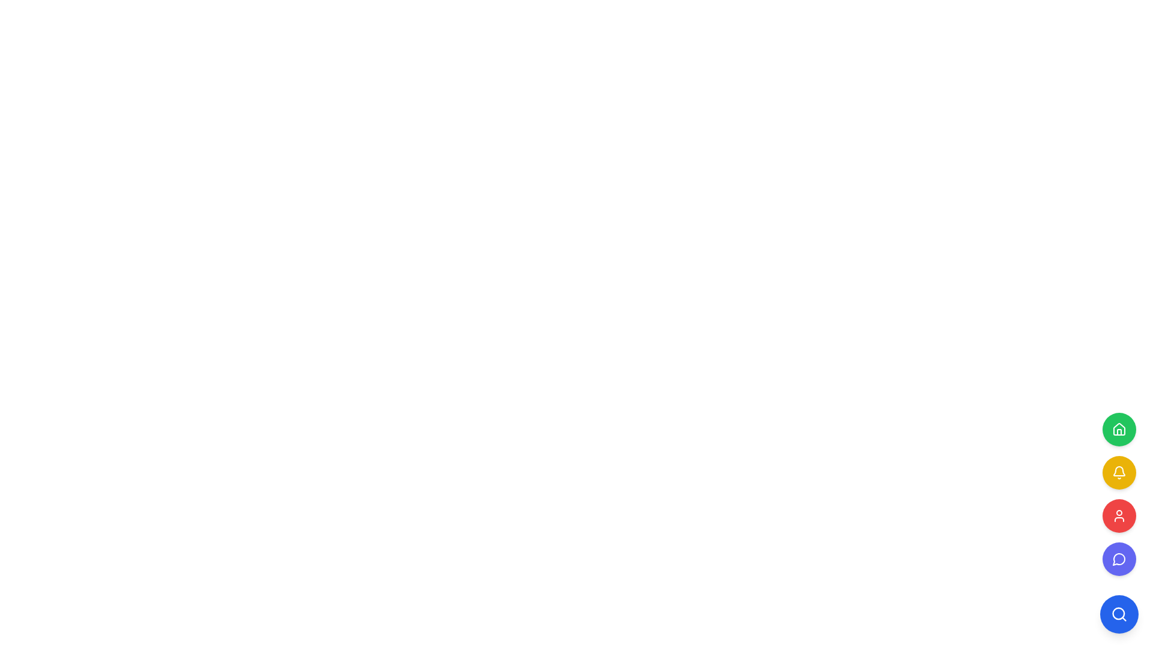 This screenshot has height=648, width=1153. Describe the element at coordinates (1118, 559) in the screenshot. I see `the circular icon button featuring a speech bubble outline with a blue background` at that location.